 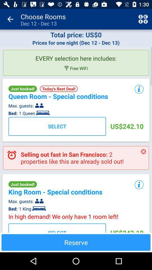 What do you see at coordinates (32, 208) in the screenshot?
I see `app to the right of bed: app` at bounding box center [32, 208].